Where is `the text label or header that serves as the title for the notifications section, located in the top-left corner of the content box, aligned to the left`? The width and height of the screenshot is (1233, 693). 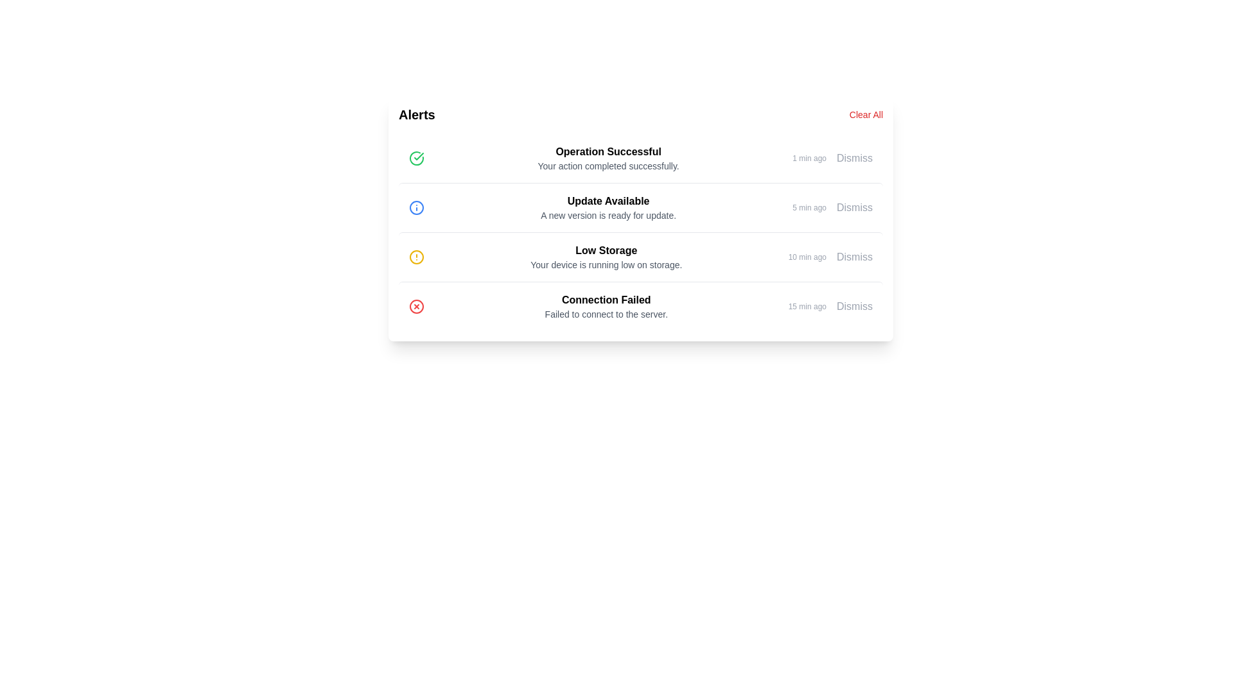 the text label or header that serves as the title for the notifications section, located in the top-left corner of the content box, aligned to the left is located at coordinates (417, 114).